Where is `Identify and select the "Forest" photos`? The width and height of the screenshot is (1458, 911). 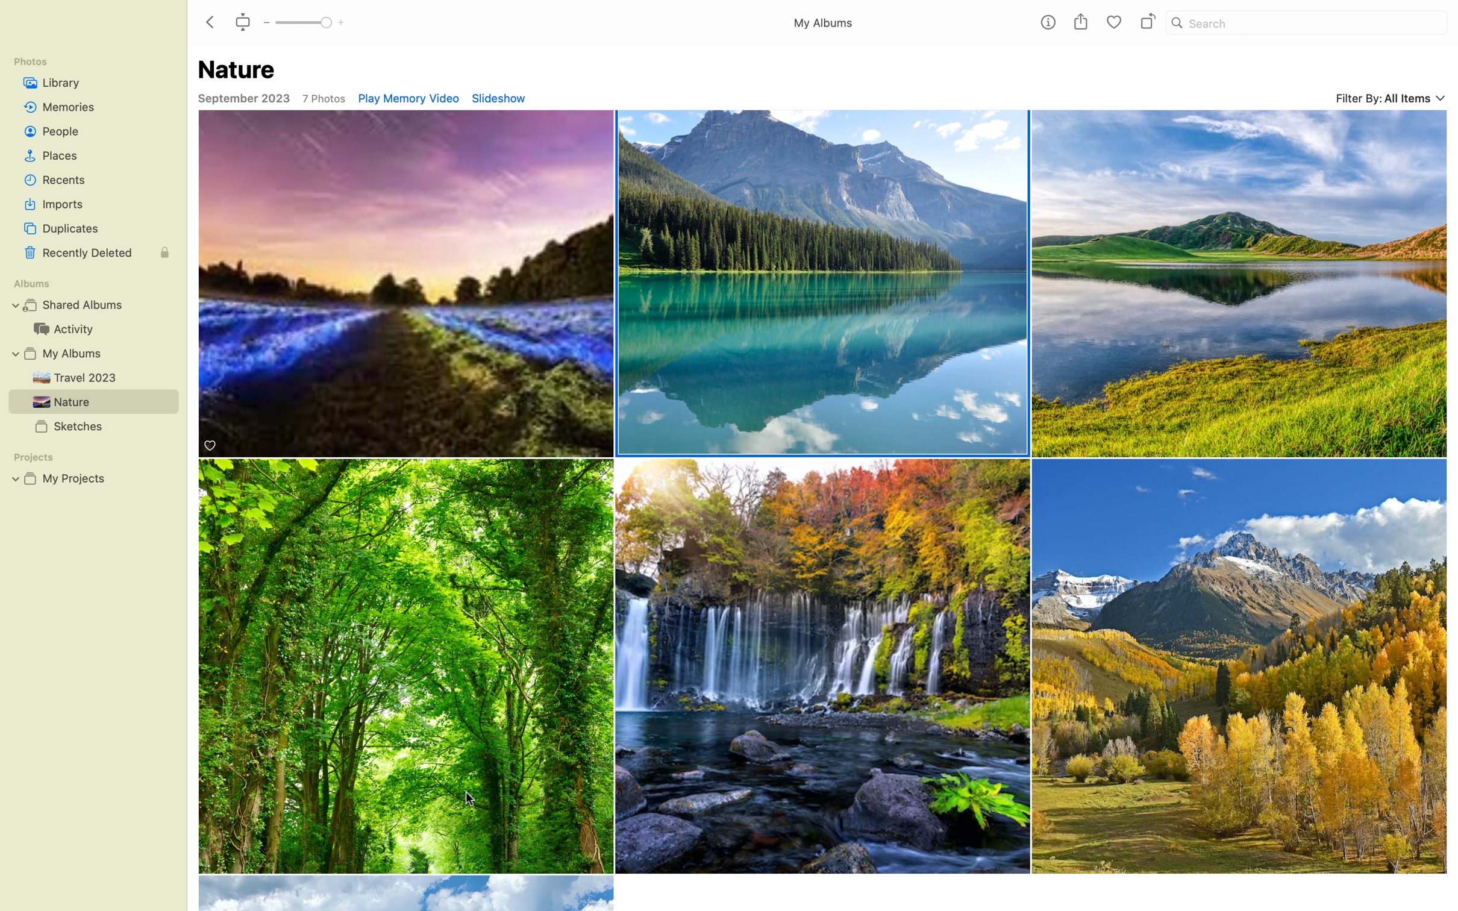 Identify and select the "Forest" photos is located at coordinates (406, 665).